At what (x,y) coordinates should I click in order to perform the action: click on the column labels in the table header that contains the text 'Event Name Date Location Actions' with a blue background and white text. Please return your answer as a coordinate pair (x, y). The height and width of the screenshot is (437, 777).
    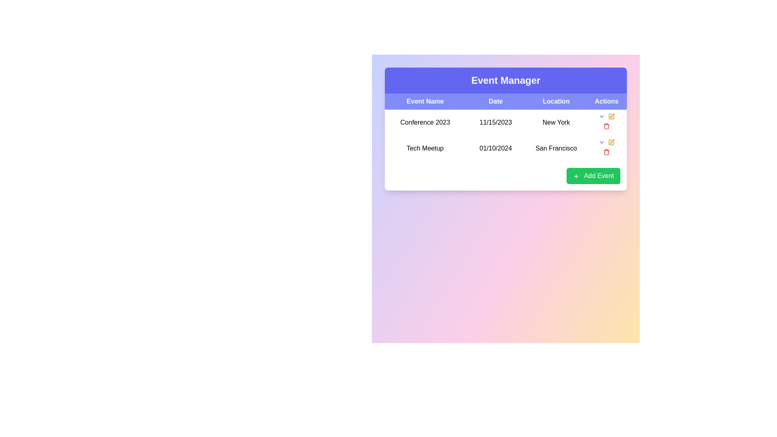
    Looking at the image, I should click on (505, 101).